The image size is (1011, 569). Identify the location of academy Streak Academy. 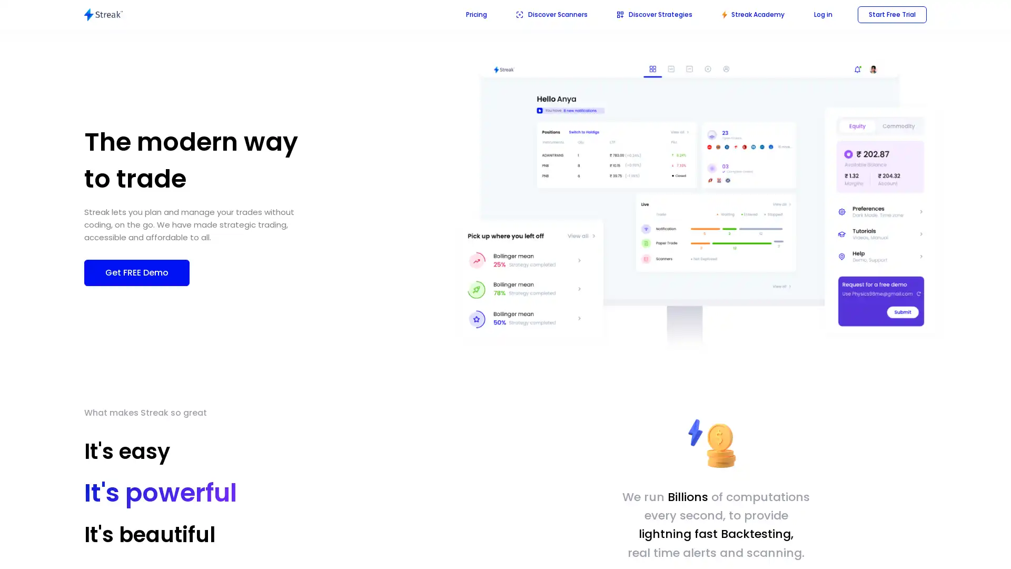
(752, 14).